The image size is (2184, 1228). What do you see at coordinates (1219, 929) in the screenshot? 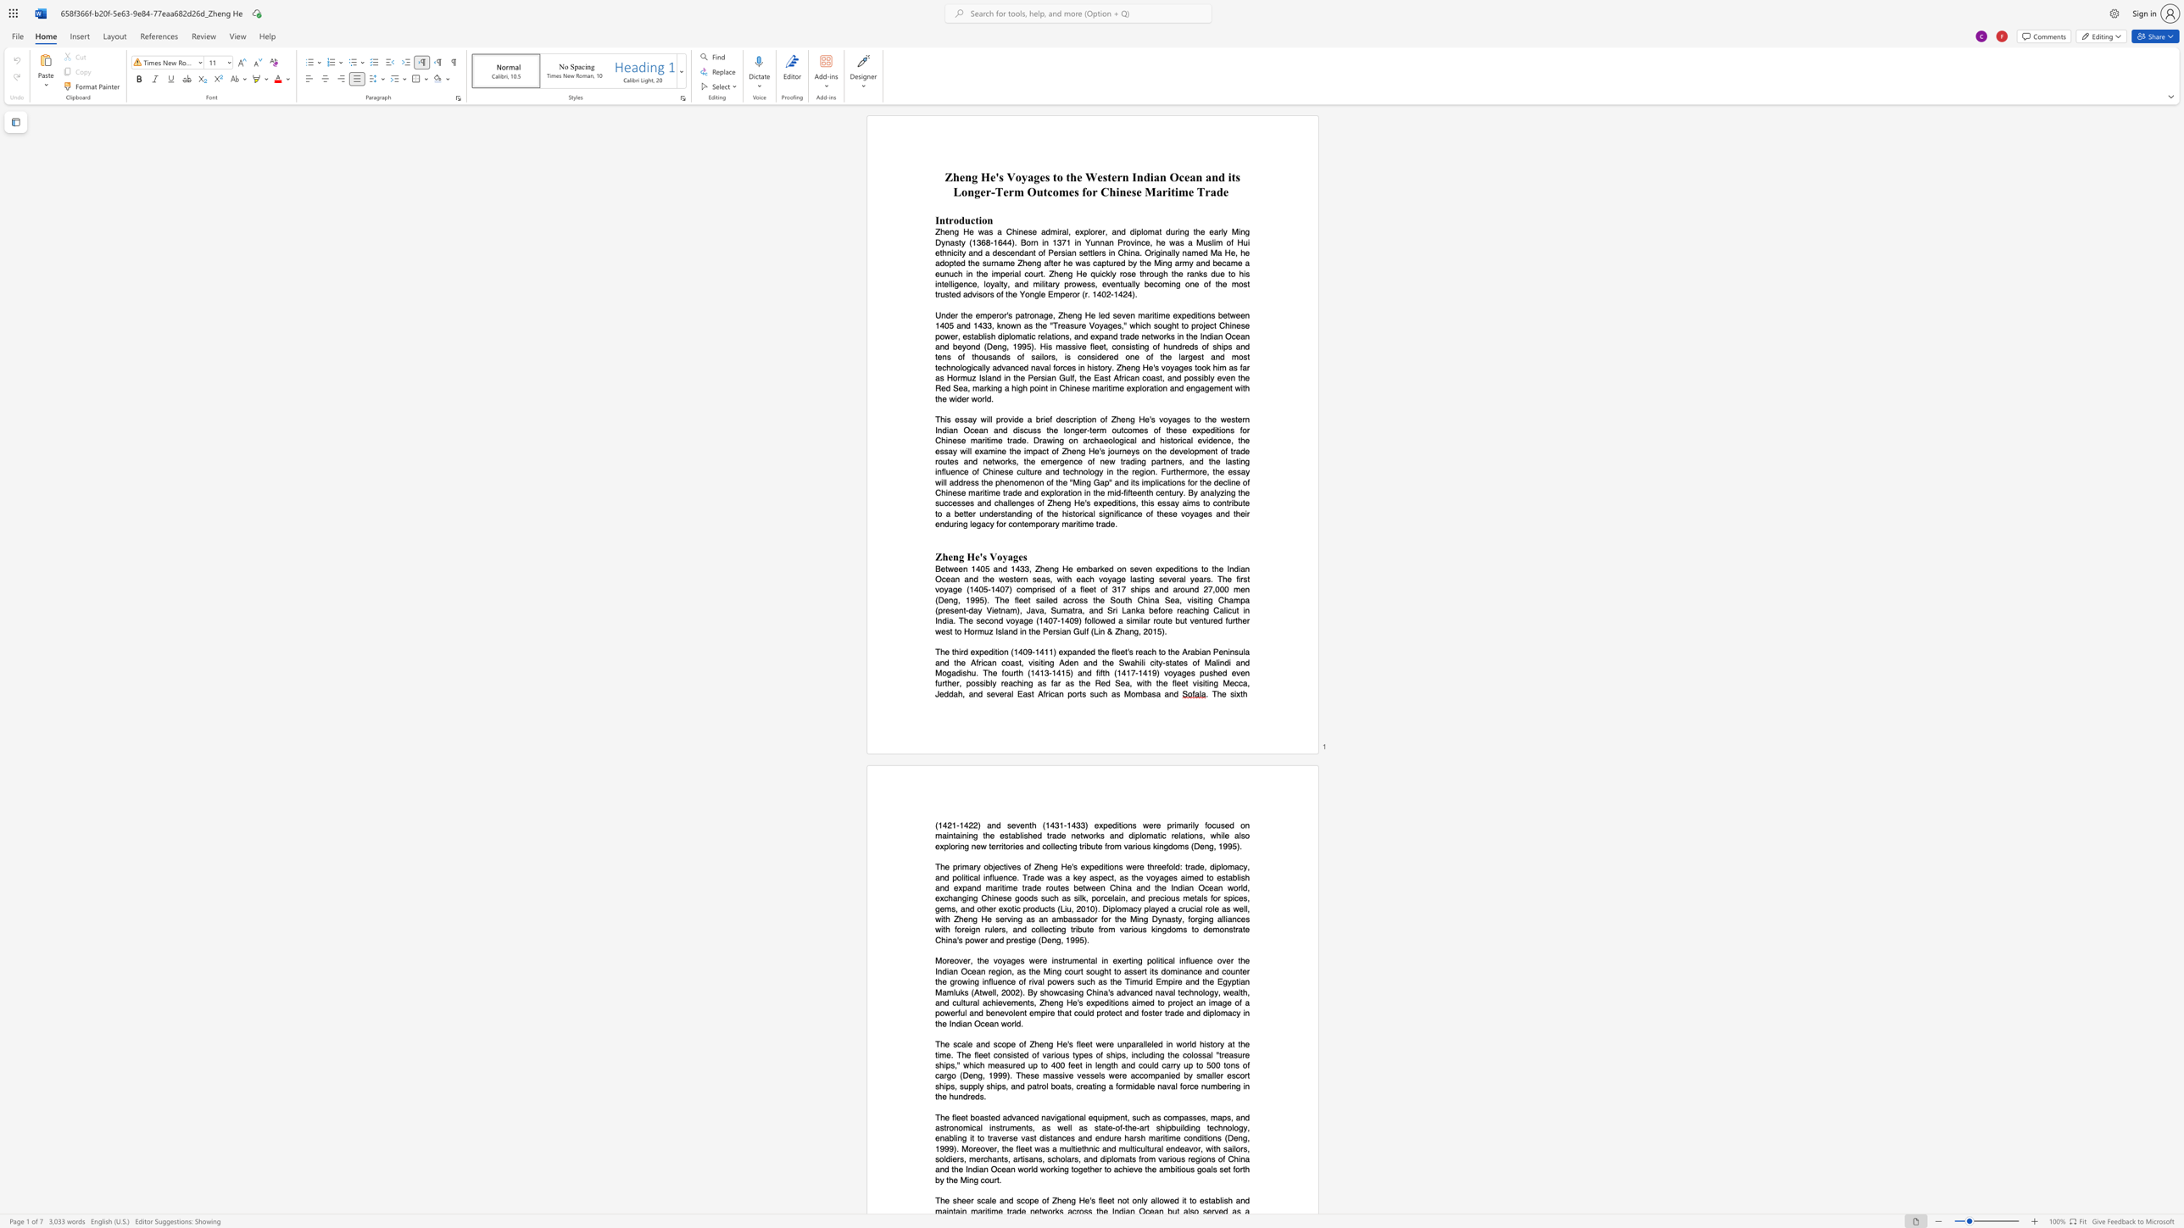
I see `the space between the continuous character "m" and "o" in the text` at bounding box center [1219, 929].